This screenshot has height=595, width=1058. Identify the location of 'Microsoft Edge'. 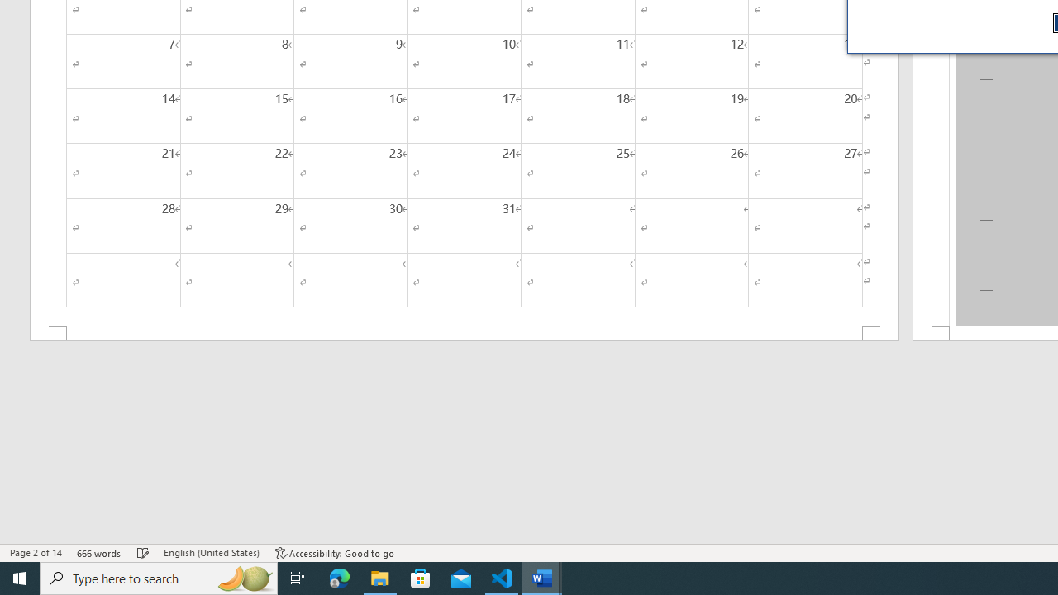
(339, 577).